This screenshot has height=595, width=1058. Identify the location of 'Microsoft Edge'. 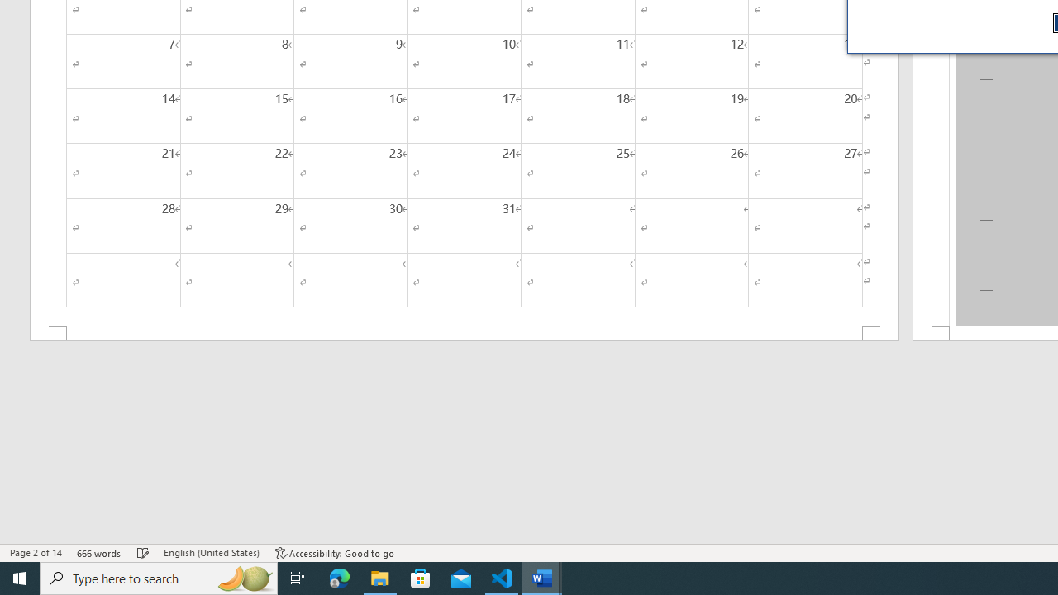
(339, 577).